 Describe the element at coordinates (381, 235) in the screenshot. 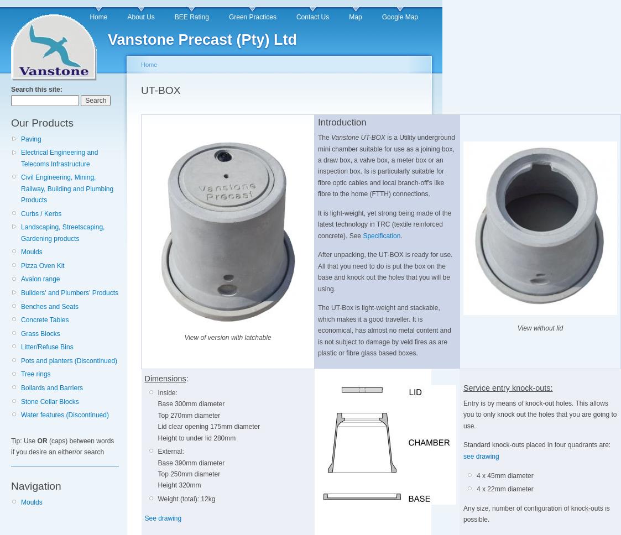

I see `'Specification'` at that location.